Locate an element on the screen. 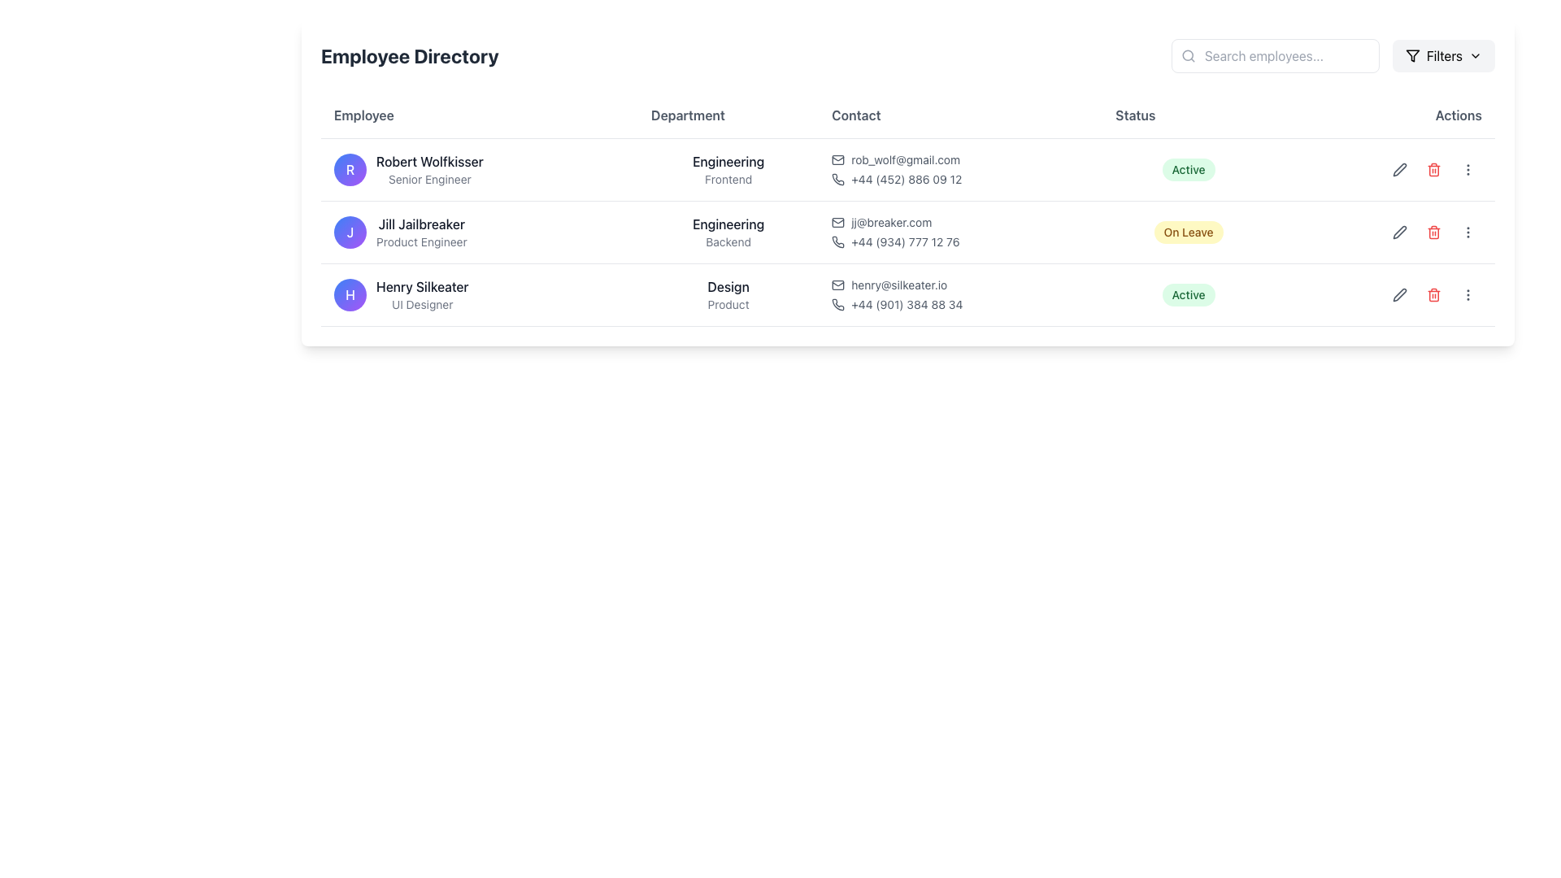 The width and height of the screenshot is (1561, 878). the Information display for contact details of 'Henry Silkeater' to initiate communication via email or phone is located at coordinates (960, 294).